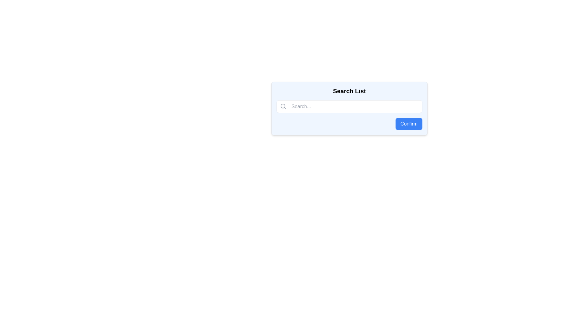 Image resolution: width=586 pixels, height=329 pixels. What do you see at coordinates (409, 124) in the screenshot?
I see `the 'Confirm' button, which has a blue background and white text` at bounding box center [409, 124].